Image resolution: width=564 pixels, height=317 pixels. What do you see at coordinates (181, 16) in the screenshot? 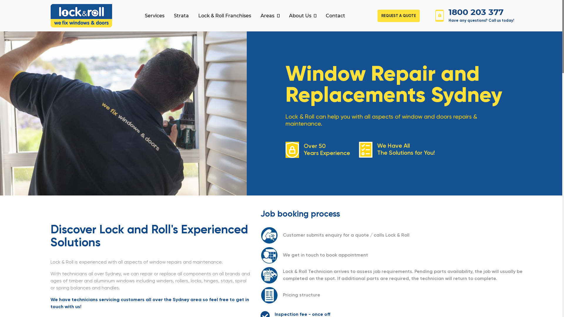
I see `'Strata'` at bounding box center [181, 16].